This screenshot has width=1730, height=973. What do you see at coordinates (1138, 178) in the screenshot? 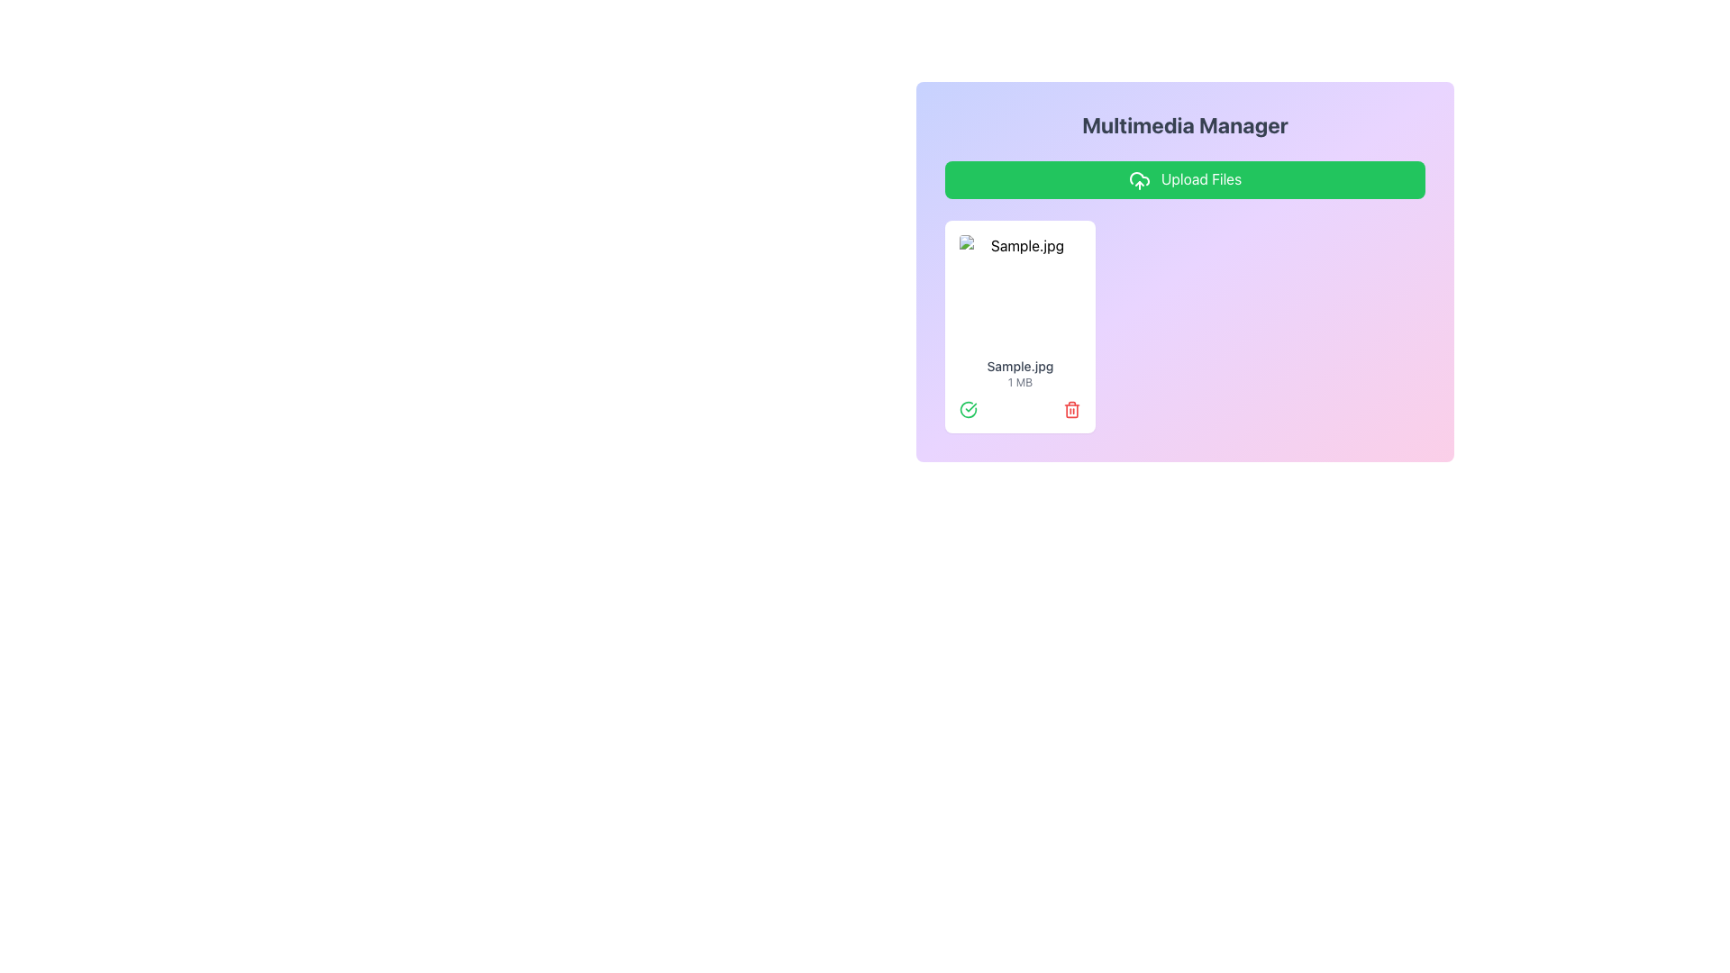
I see `the cloud icon with an upward arrow indicating an upload action, which is part of the green 'Upload Files' button located near the top center of the interface` at bounding box center [1138, 178].